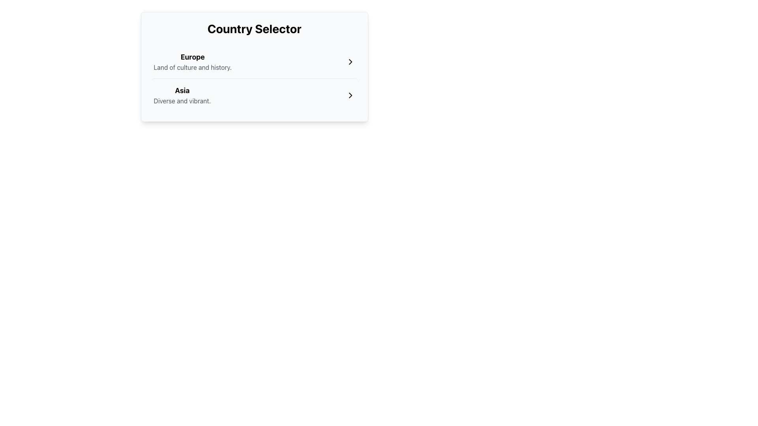  I want to click on text label for the section related to 'Asia', which is positioned as the second item in the list below 'Europe', so click(182, 90).